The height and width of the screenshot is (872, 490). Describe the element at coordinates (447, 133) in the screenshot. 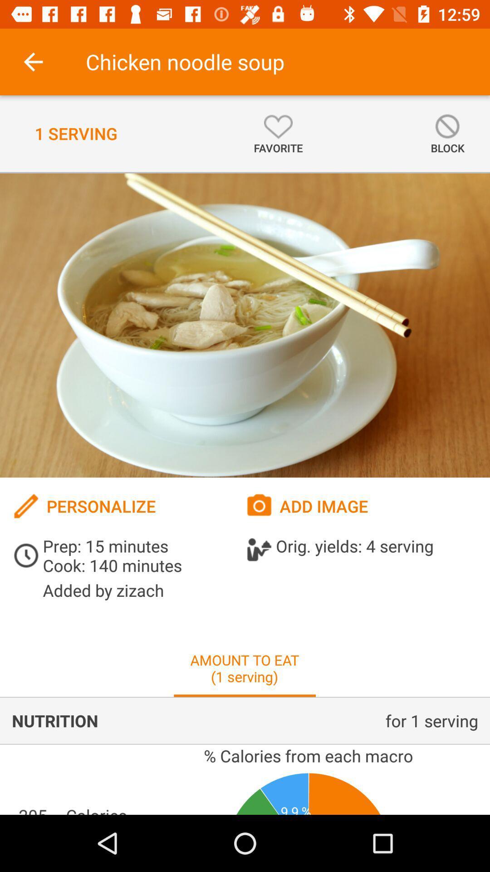

I see `the block` at that location.